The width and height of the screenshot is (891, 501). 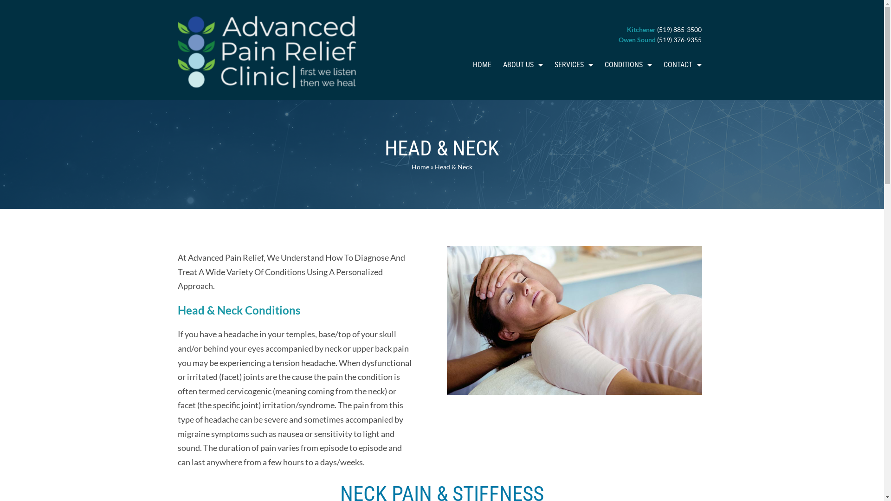 What do you see at coordinates (682, 64) in the screenshot?
I see `'CONTACT'` at bounding box center [682, 64].